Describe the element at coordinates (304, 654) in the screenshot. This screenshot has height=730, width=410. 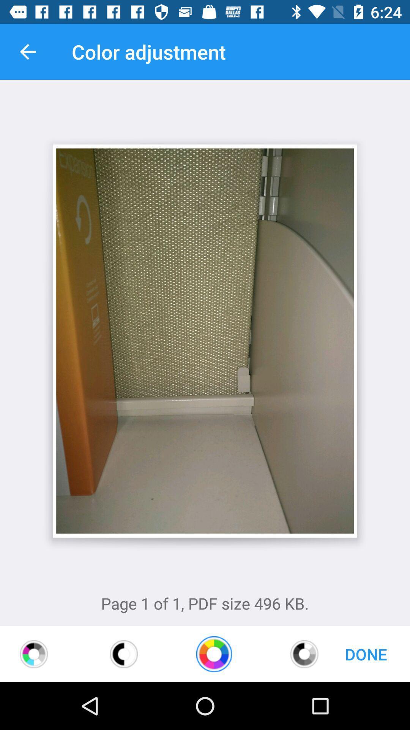
I see `the icon below the page 1 of item` at that location.